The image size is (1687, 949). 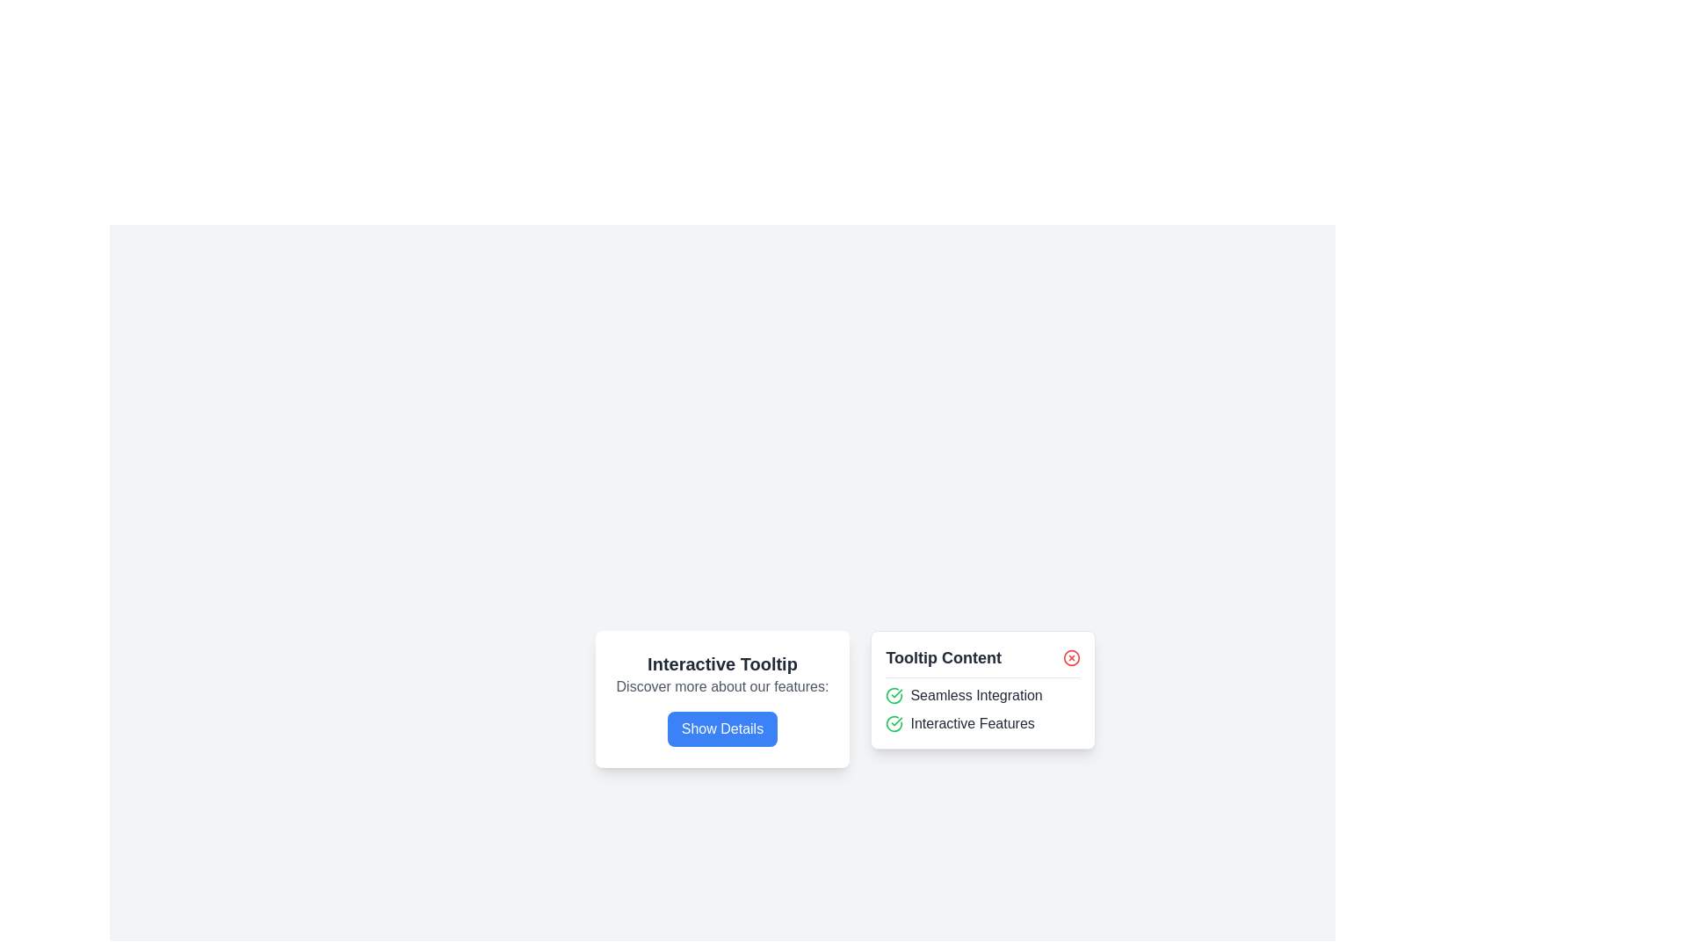 I want to click on content inside the Tooltip, which provides additional detailed descriptions or features appearing near the 'Show Details' button, so click(x=982, y=689).